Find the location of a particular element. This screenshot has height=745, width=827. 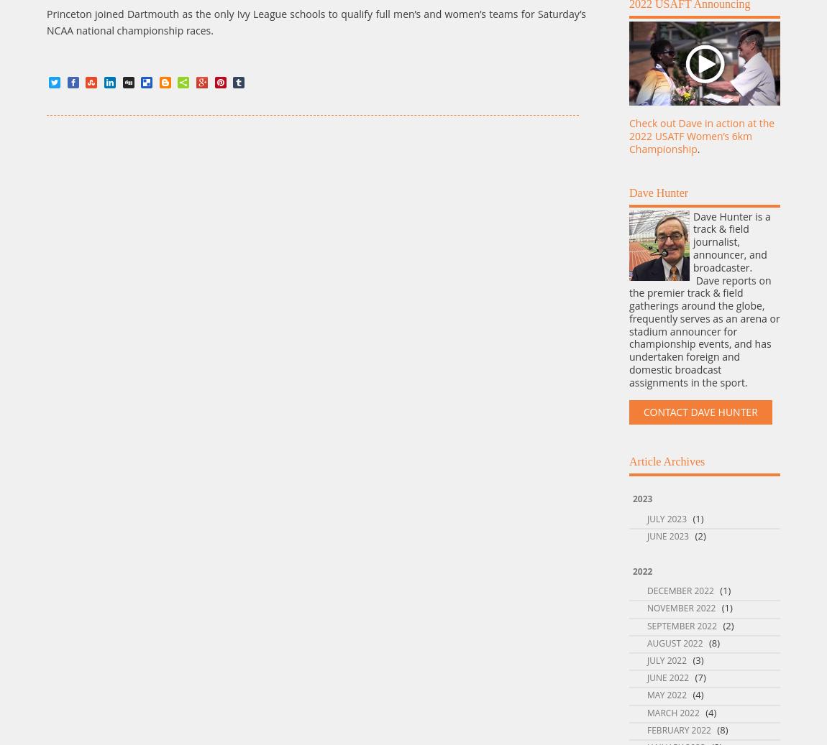

'CONTACT DAVE HUNTER' is located at coordinates (700, 412).